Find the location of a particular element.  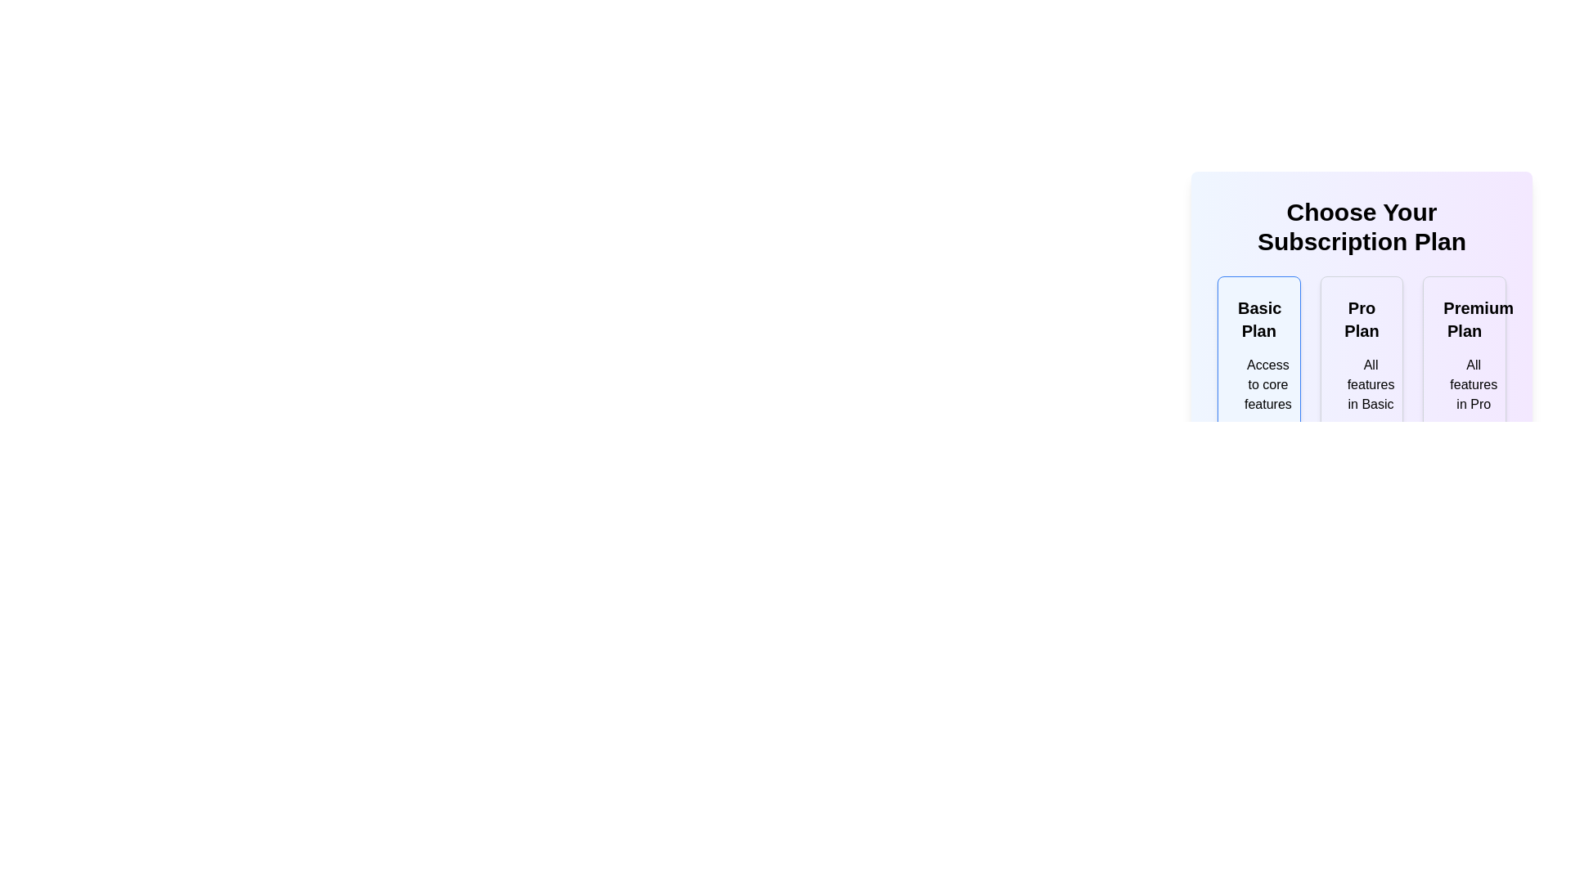

the 'Premium Plan' text label, which is boldly displayed at the top of the rightmost subscription card is located at coordinates (1465, 319).